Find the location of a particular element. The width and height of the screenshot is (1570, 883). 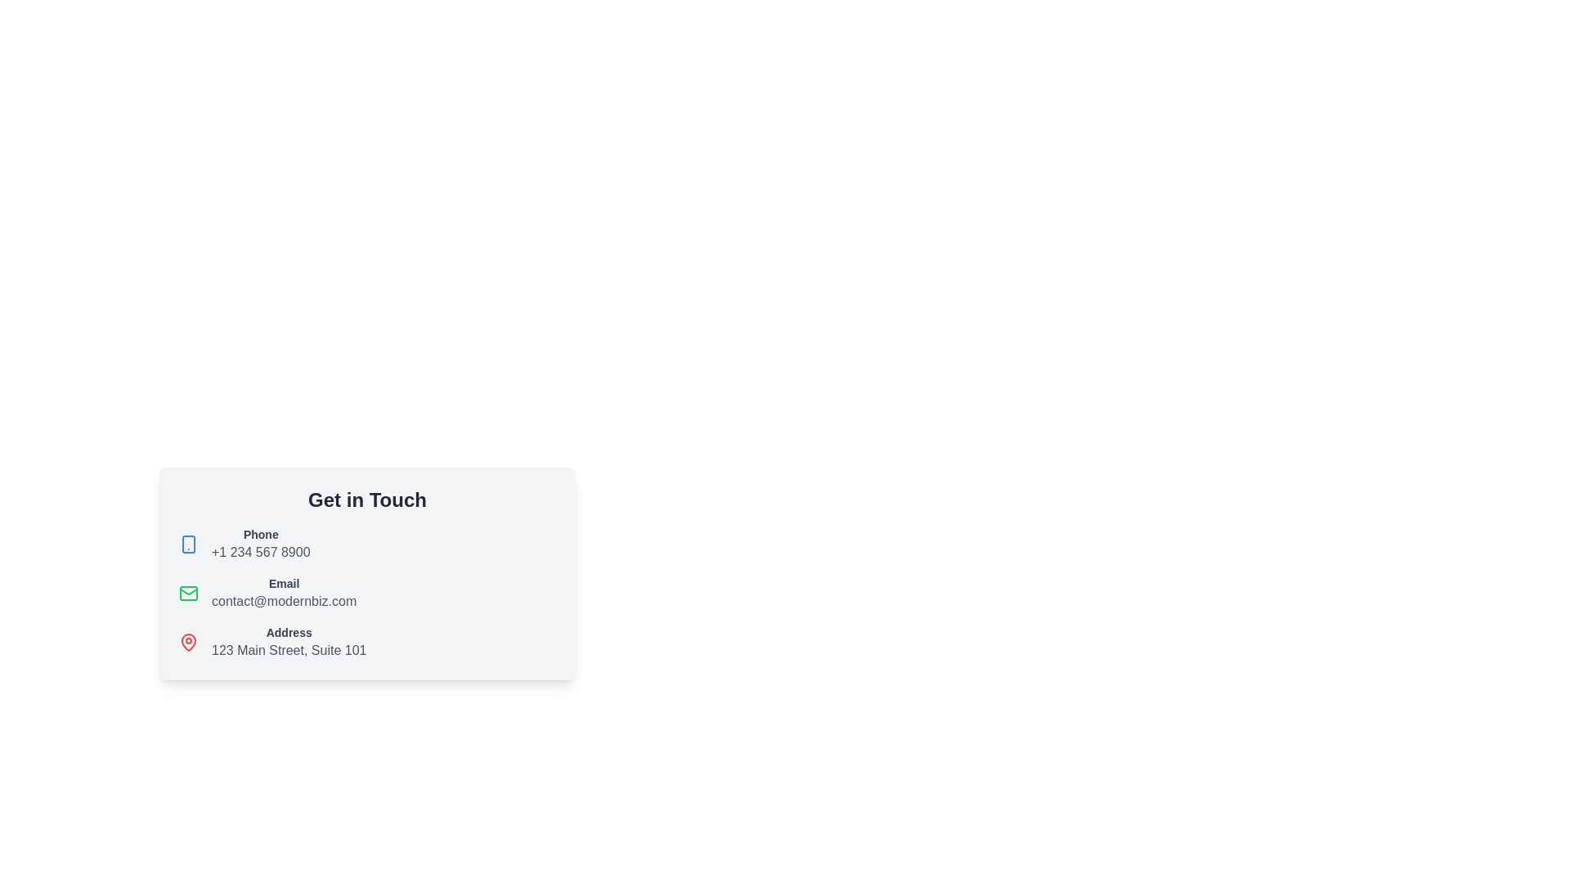

the red map pin icon located in the bottom left corner of the address section of the 'Get in Touch' contact information card, which is directly to the left of the text 'Address123 Main Street, Suite 101' is located at coordinates (188, 642).